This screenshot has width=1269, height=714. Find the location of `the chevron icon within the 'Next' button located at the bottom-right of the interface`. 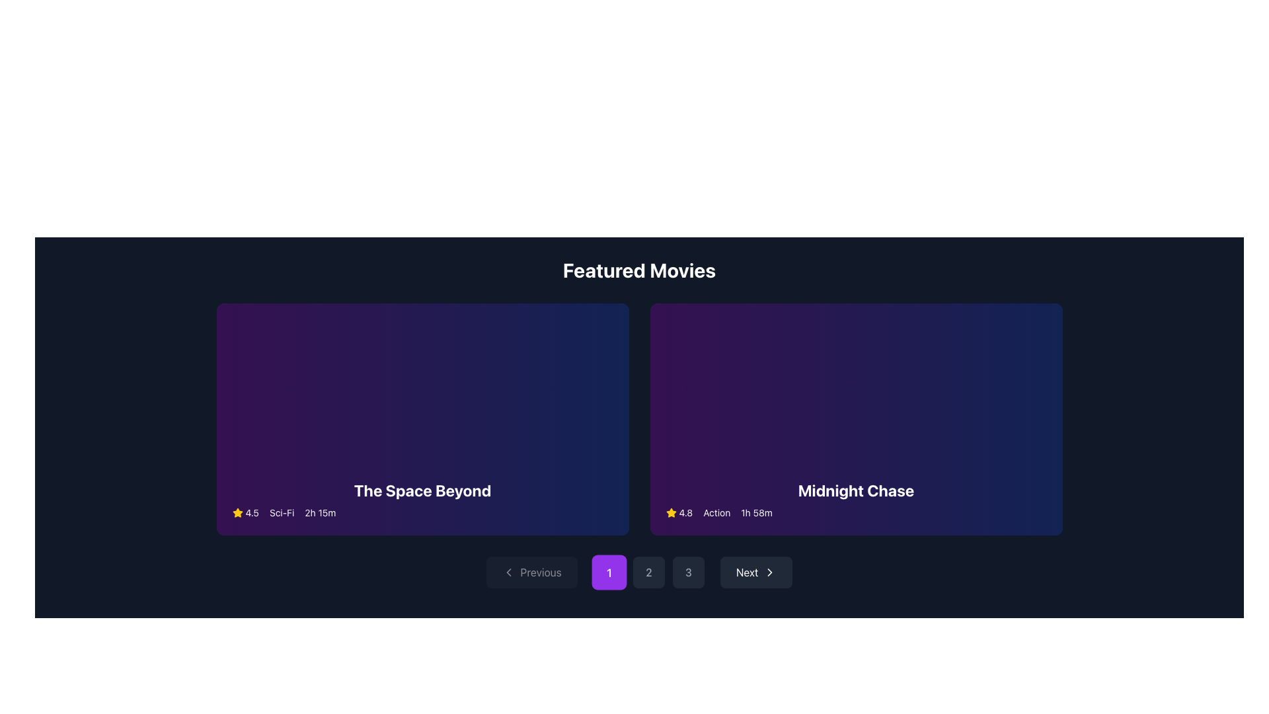

the chevron icon within the 'Next' button located at the bottom-right of the interface is located at coordinates (770, 572).